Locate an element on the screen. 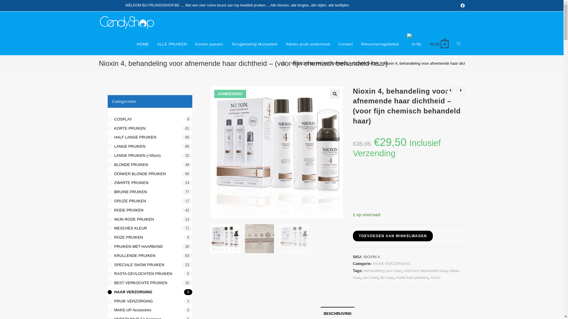  'PRUIK VERZORGING' is located at coordinates (150, 301).